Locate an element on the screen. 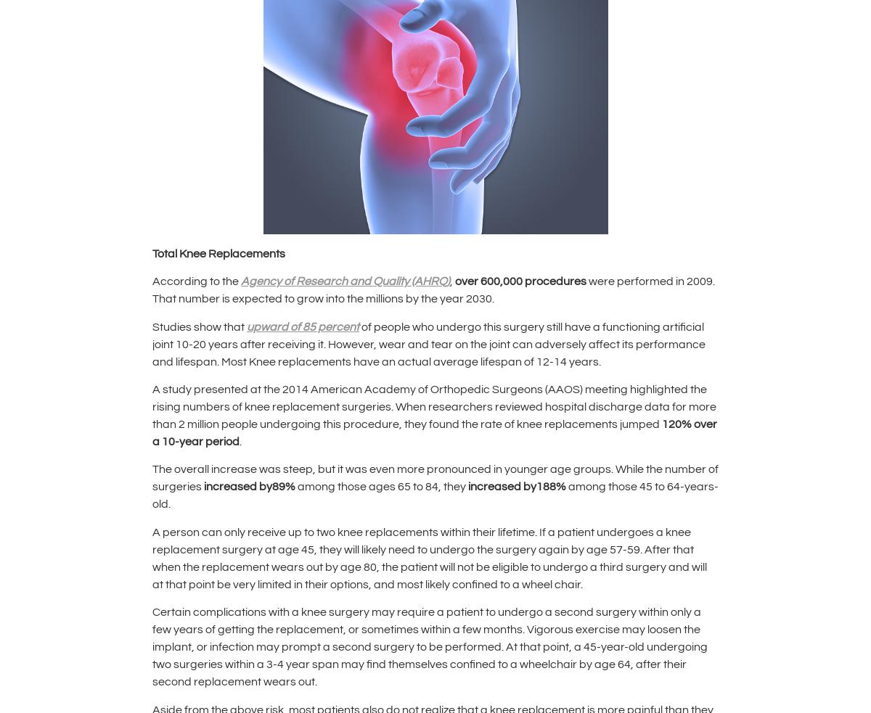  'Agency of Research and Quality (AHRQ)' is located at coordinates (241, 280).